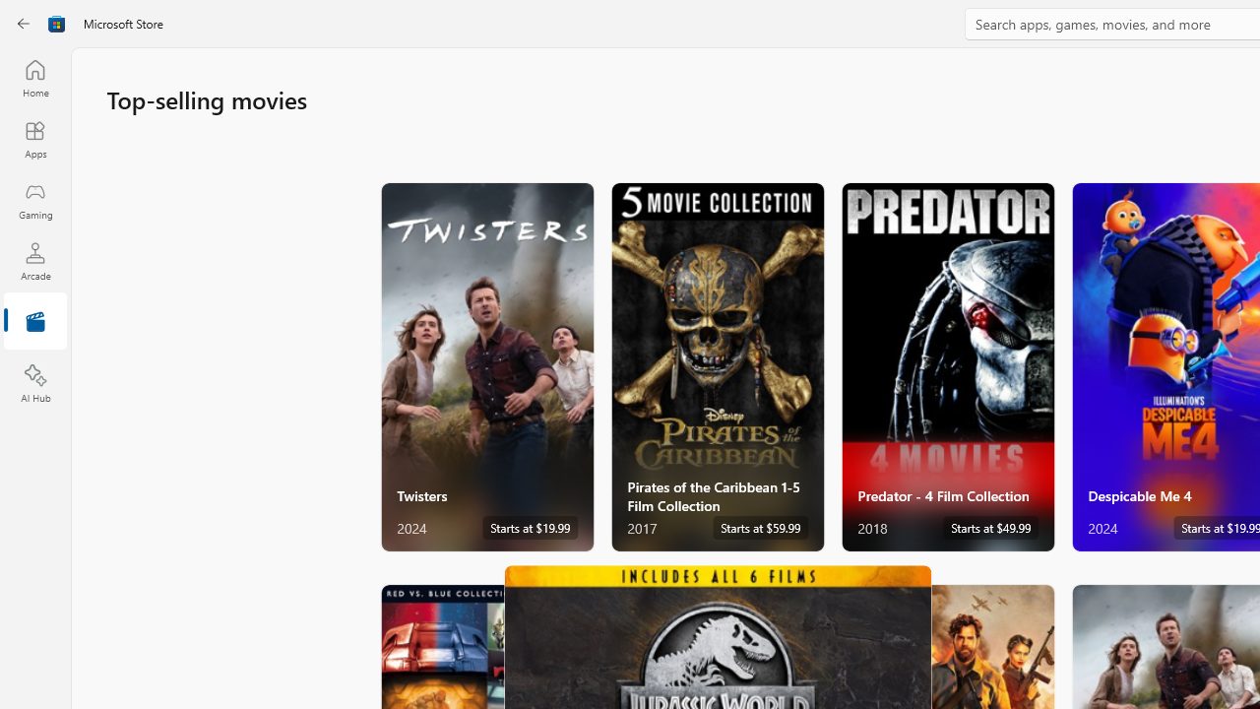 Image resolution: width=1260 pixels, height=709 pixels. Describe the element at coordinates (57, 24) in the screenshot. I see `'Class: Image'` at that location.